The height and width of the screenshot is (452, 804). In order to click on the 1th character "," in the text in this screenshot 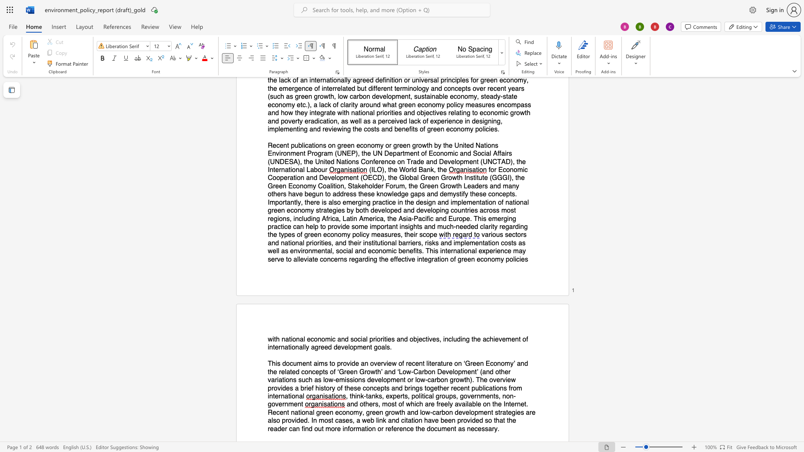, I will do `click(347, 395)`.